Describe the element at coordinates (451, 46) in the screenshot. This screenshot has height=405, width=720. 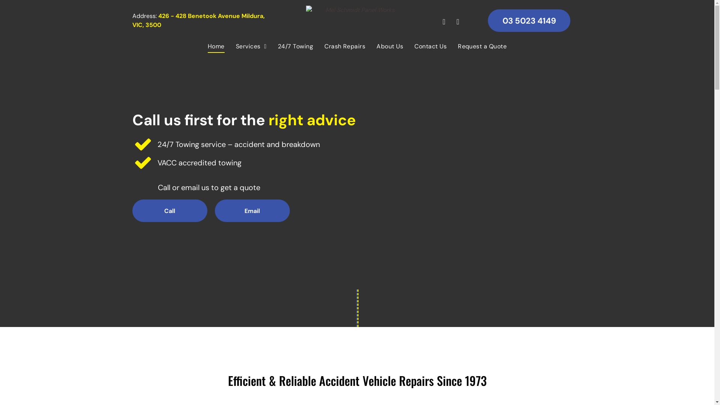
I see `'Request a Quote'` at that location.